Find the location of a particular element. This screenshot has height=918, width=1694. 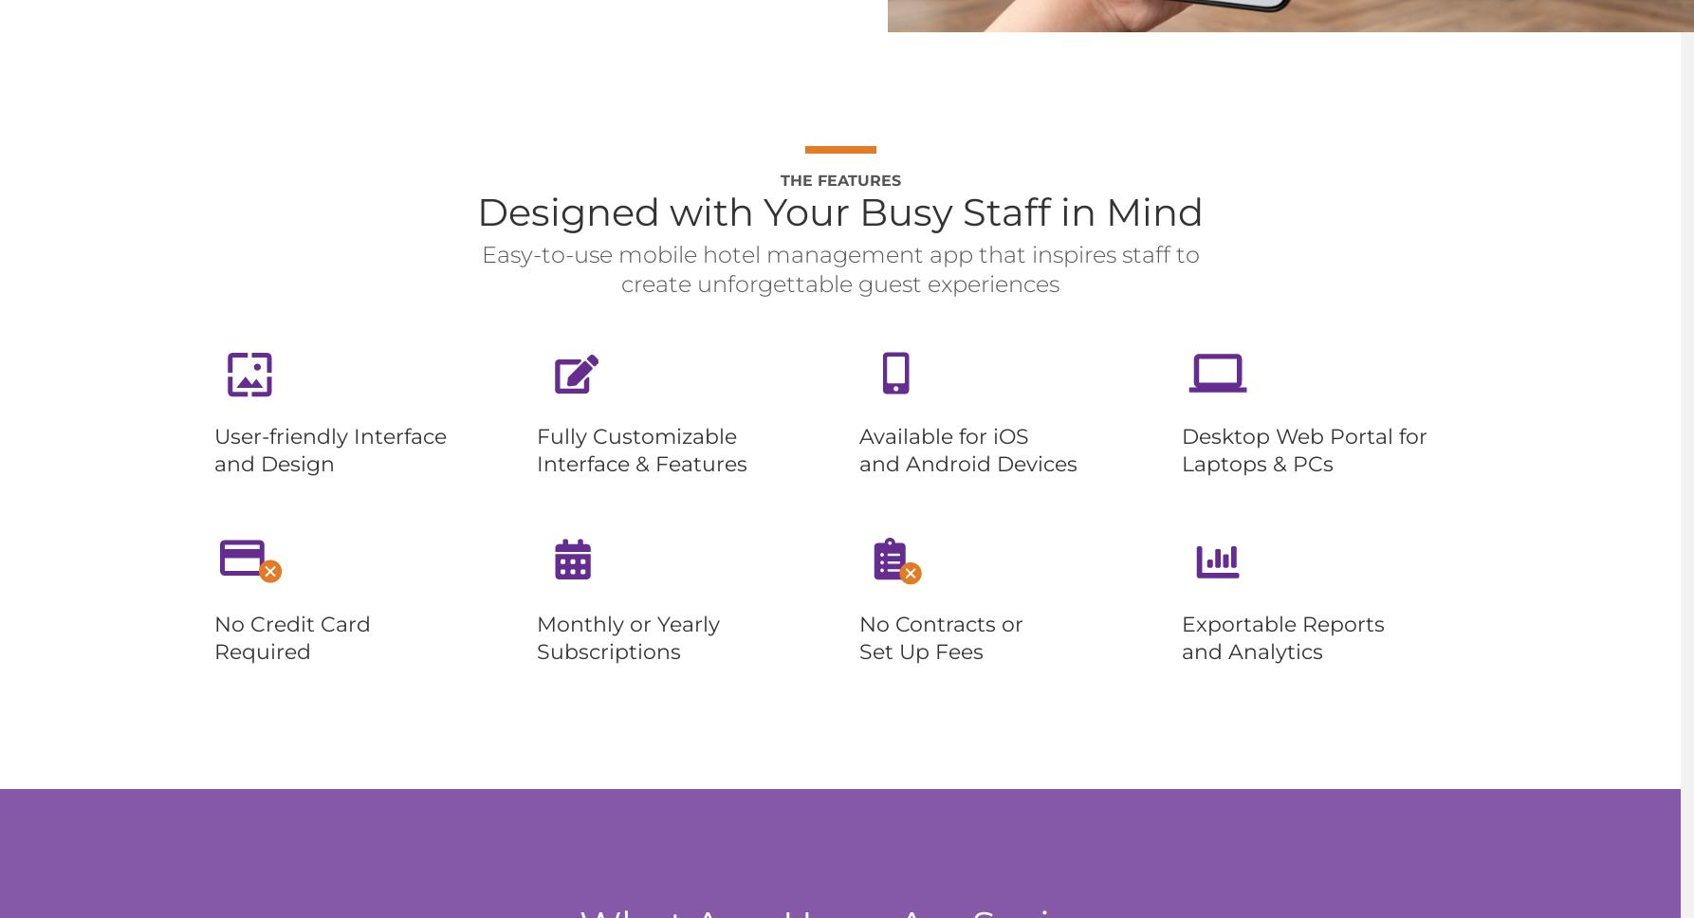

'Exportable Reports' is located at coordinates (1282, 624).